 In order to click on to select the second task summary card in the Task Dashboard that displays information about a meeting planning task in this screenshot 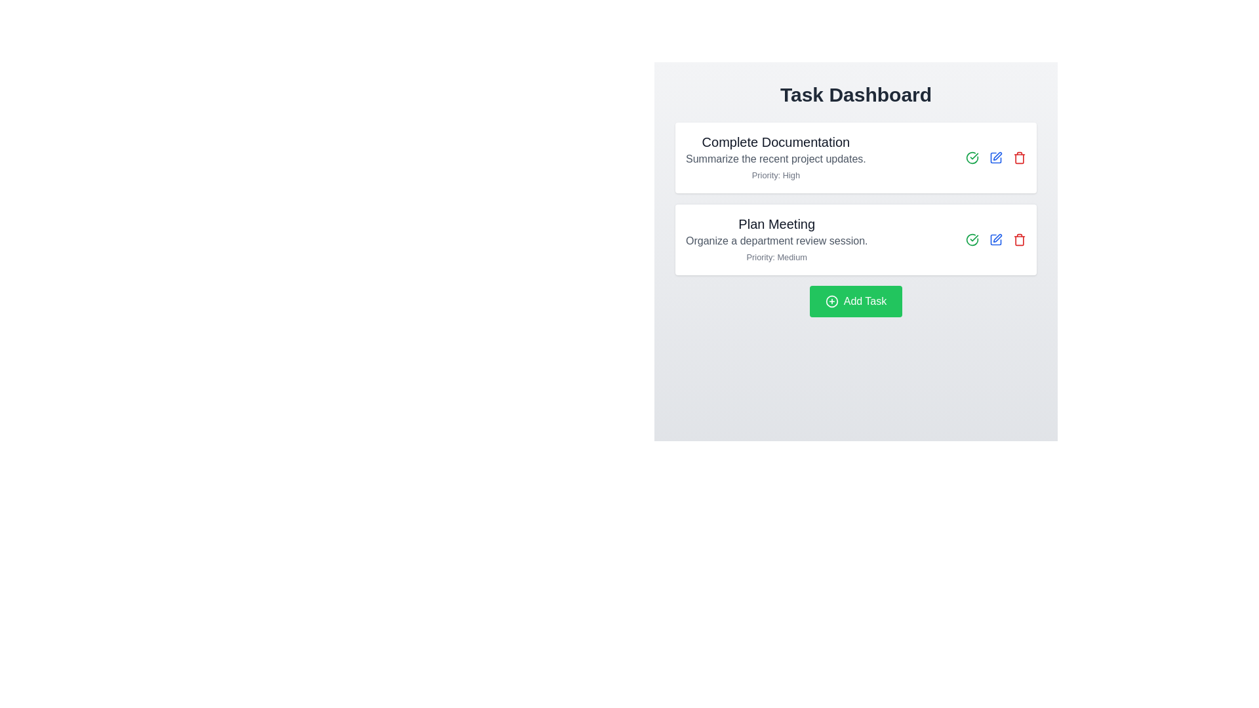, I will do `click(776, 240)`.